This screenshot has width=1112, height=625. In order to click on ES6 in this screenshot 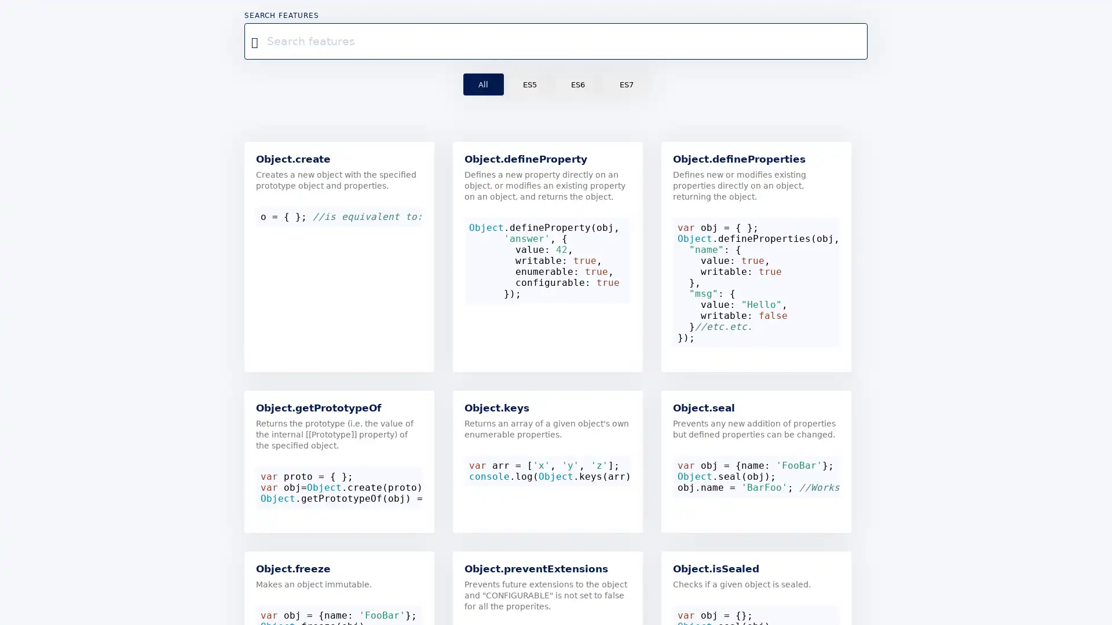, I will do `click(577, 83)`.